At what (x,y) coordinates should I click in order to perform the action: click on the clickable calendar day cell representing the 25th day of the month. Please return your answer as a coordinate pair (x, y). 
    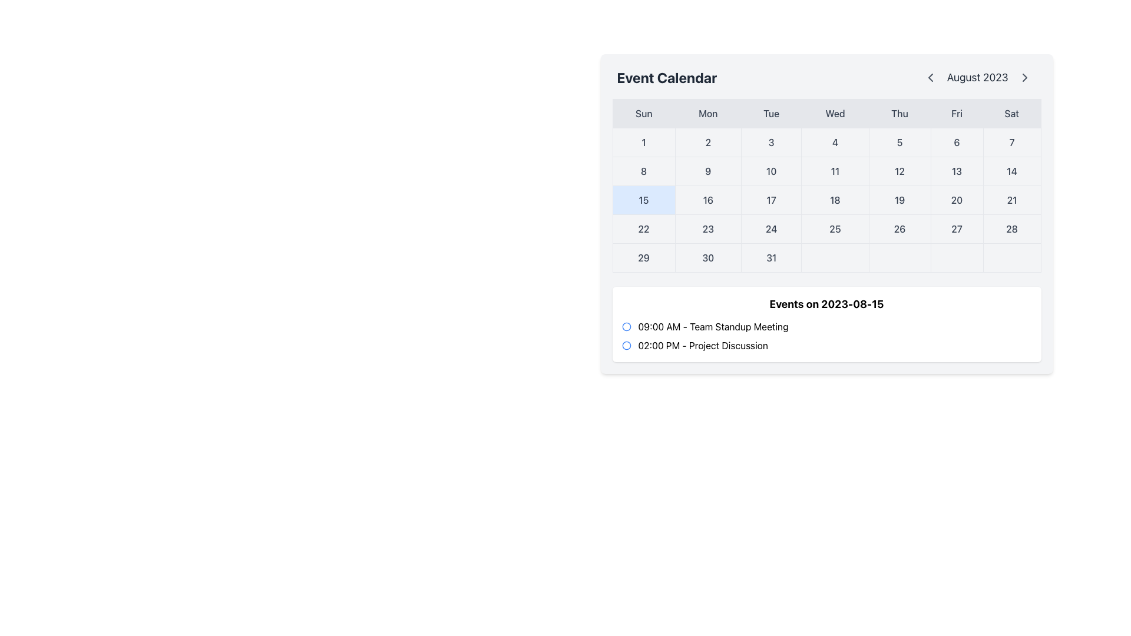
    Looking at the image, I should click on (834, 229).